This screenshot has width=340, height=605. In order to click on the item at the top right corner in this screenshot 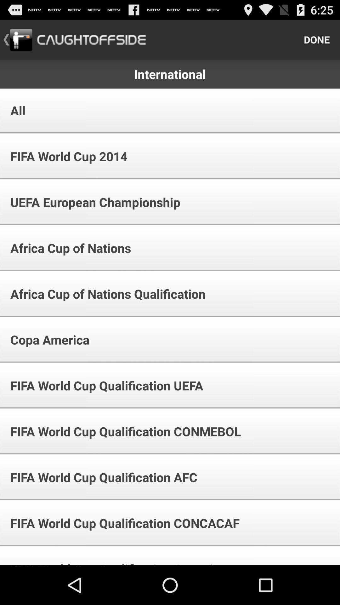, I will do `click(317, 39)`.